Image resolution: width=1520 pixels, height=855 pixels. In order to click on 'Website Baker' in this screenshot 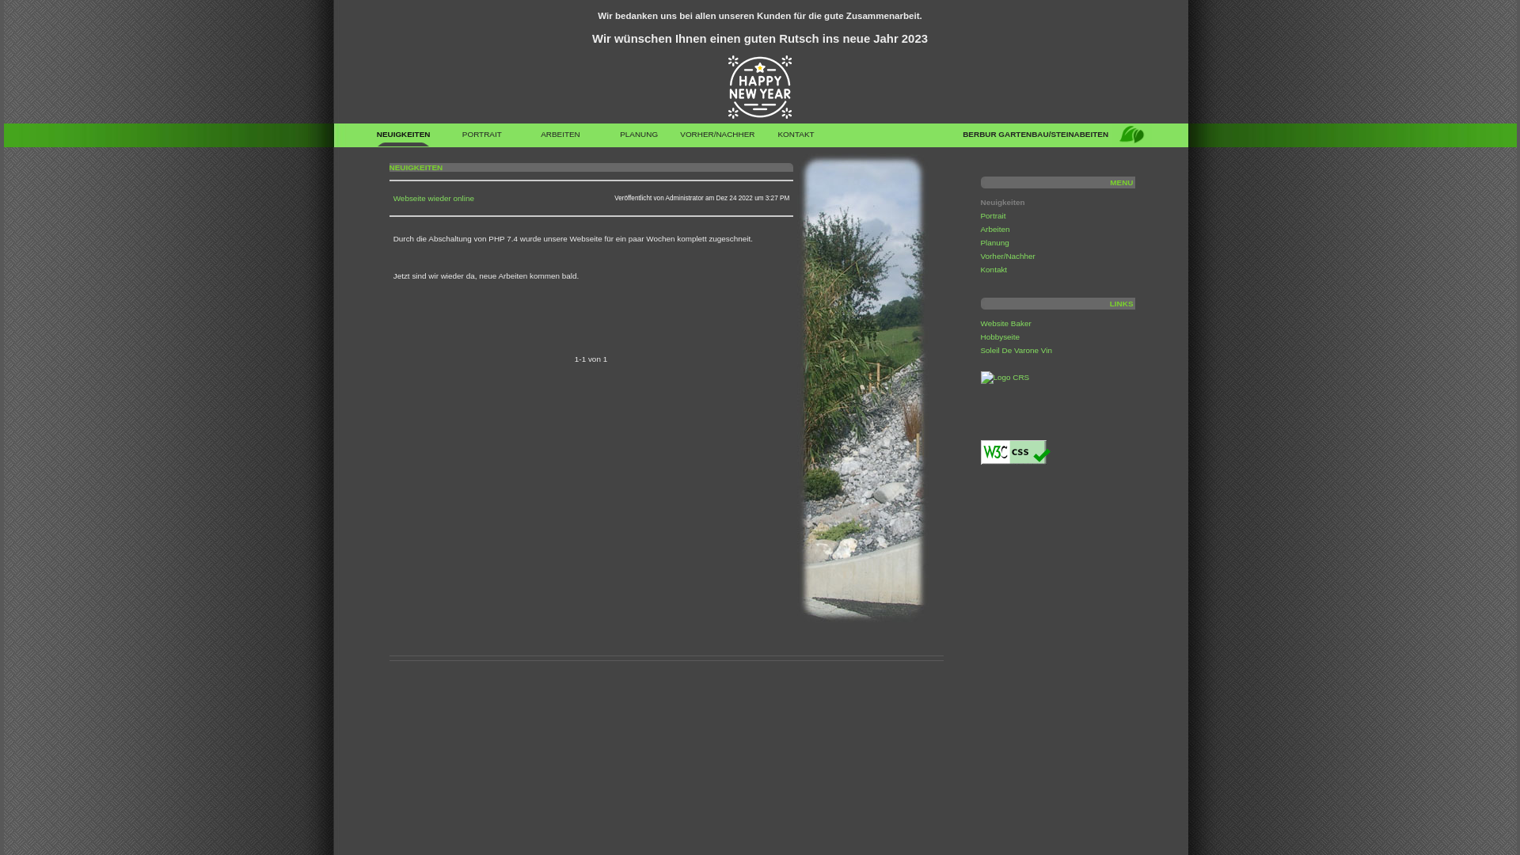, I will do `click(1005, 322)`.